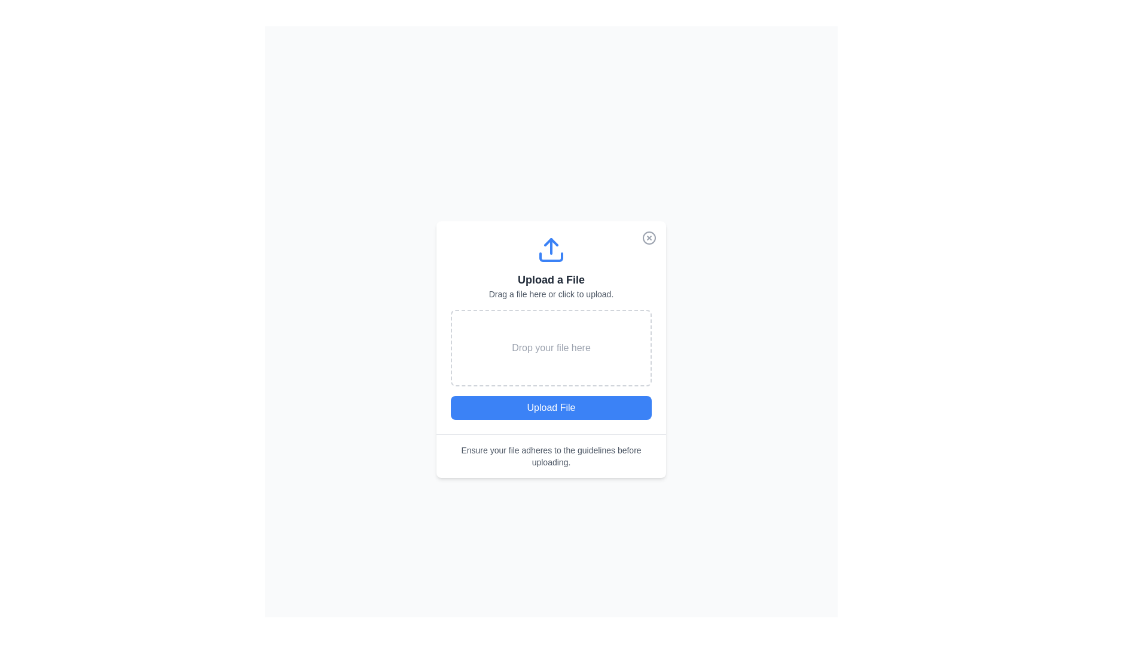 This screenshot has width=1148, height=646. What do you see at coordinates (550, 348) in the screenshot?
I see `the static text label that instructs users where to drop their file for upload, located in the middle of the interface, under the instructions 'Drag a file here or click to upload'` at bounding box center [550, 348].